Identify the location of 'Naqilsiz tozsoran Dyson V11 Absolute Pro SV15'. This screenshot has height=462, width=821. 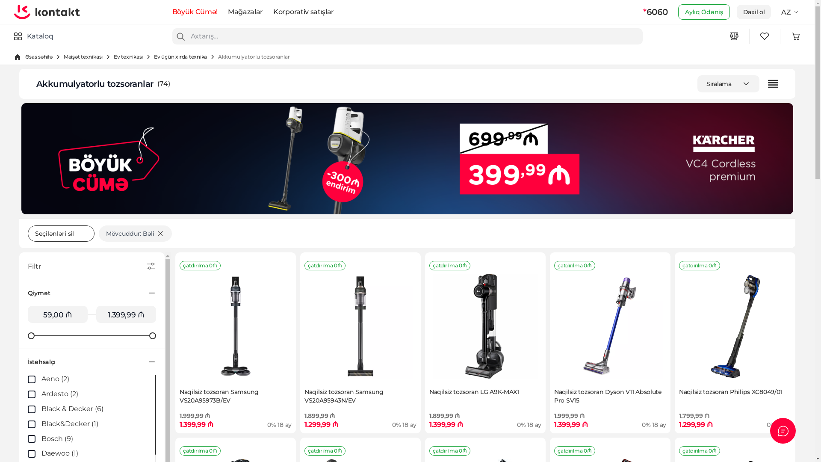
(609, 326).